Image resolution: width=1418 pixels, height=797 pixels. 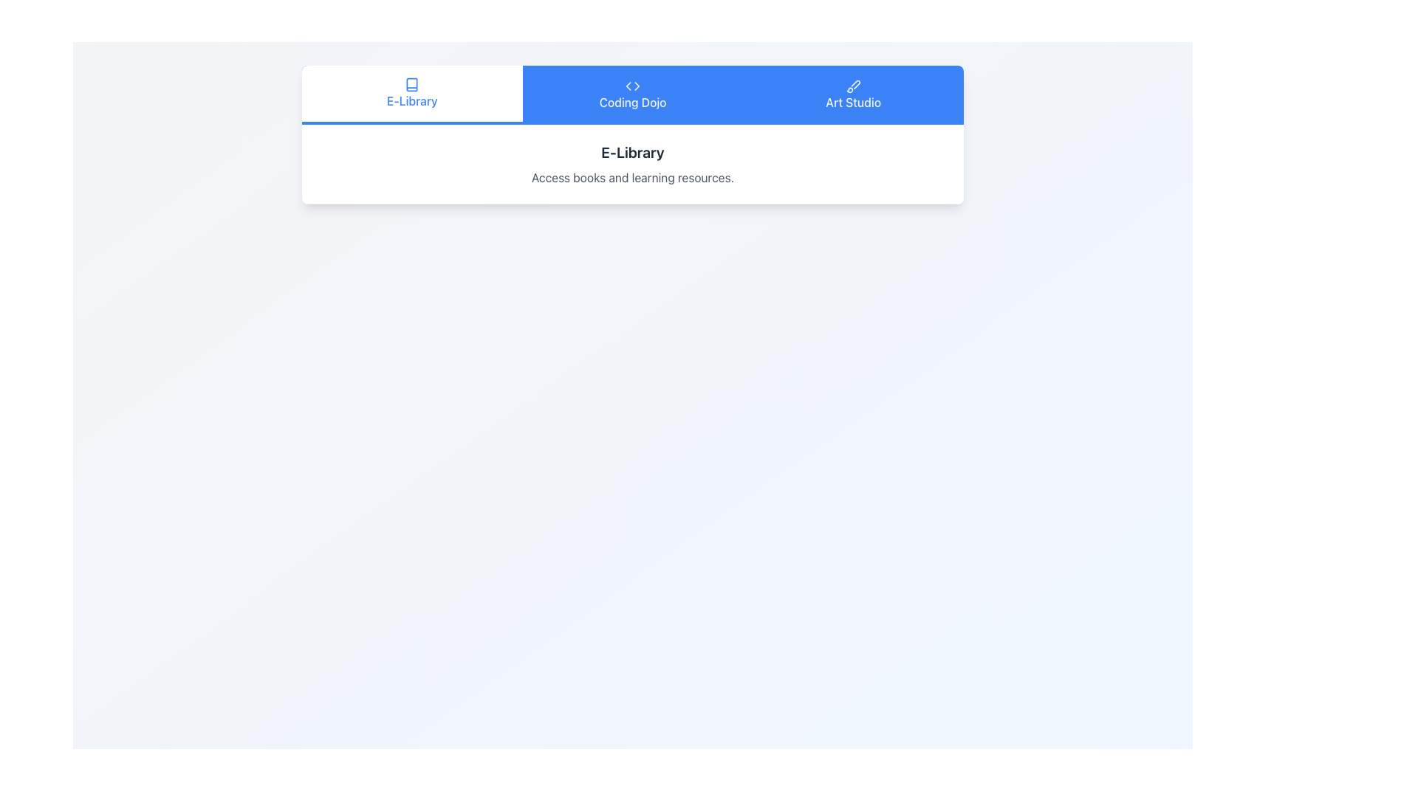 I want to click on the 'Coding Dojo' navigation tab located in the middle of a row of three tabs, so click(x=633, y=94).